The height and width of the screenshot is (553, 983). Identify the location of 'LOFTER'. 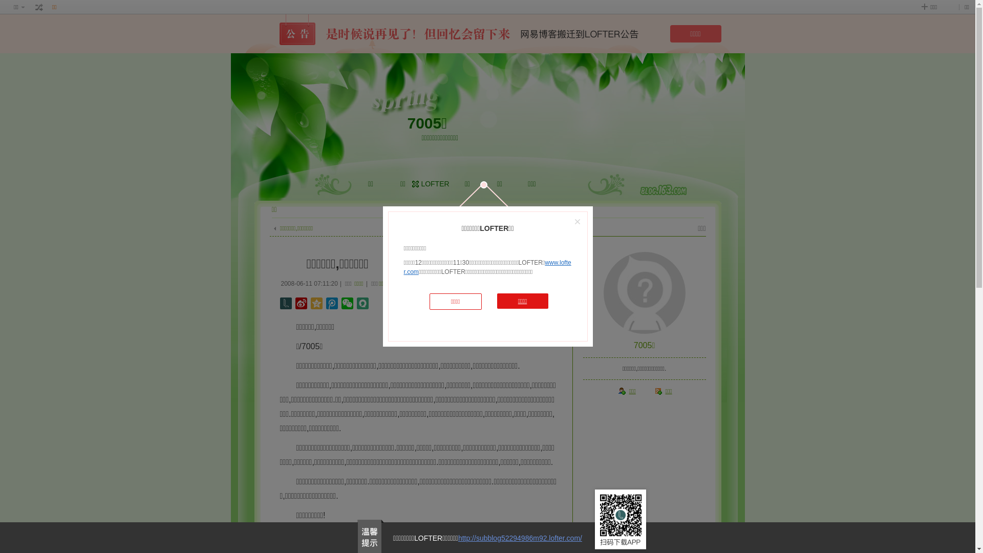
(418, 183).